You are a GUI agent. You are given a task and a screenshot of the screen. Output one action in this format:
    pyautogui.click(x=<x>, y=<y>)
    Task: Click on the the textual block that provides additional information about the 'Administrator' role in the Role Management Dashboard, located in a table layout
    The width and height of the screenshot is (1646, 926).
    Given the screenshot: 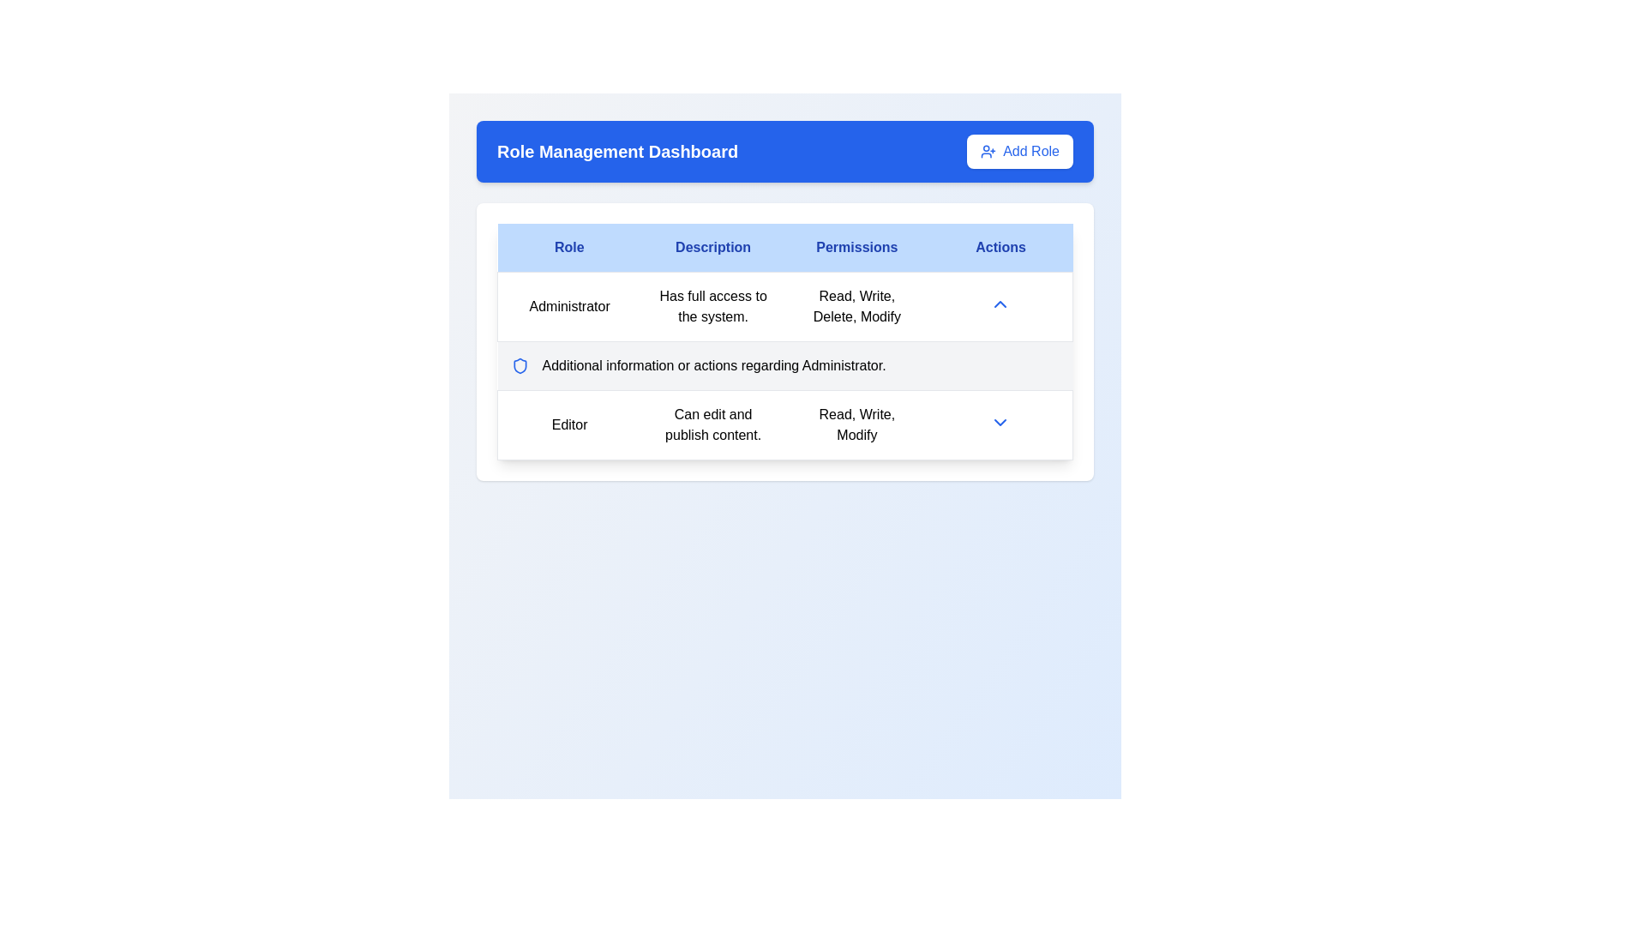 What is the action you would take?
    pyautogui.click(x=784, y=365)
    